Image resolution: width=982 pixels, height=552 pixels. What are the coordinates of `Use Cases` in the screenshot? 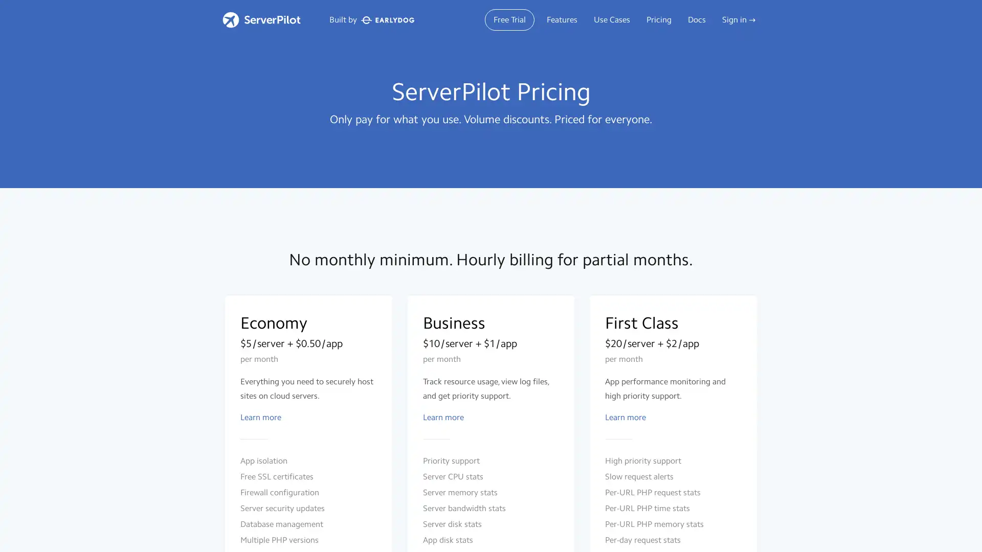 It's located at (612, 19).